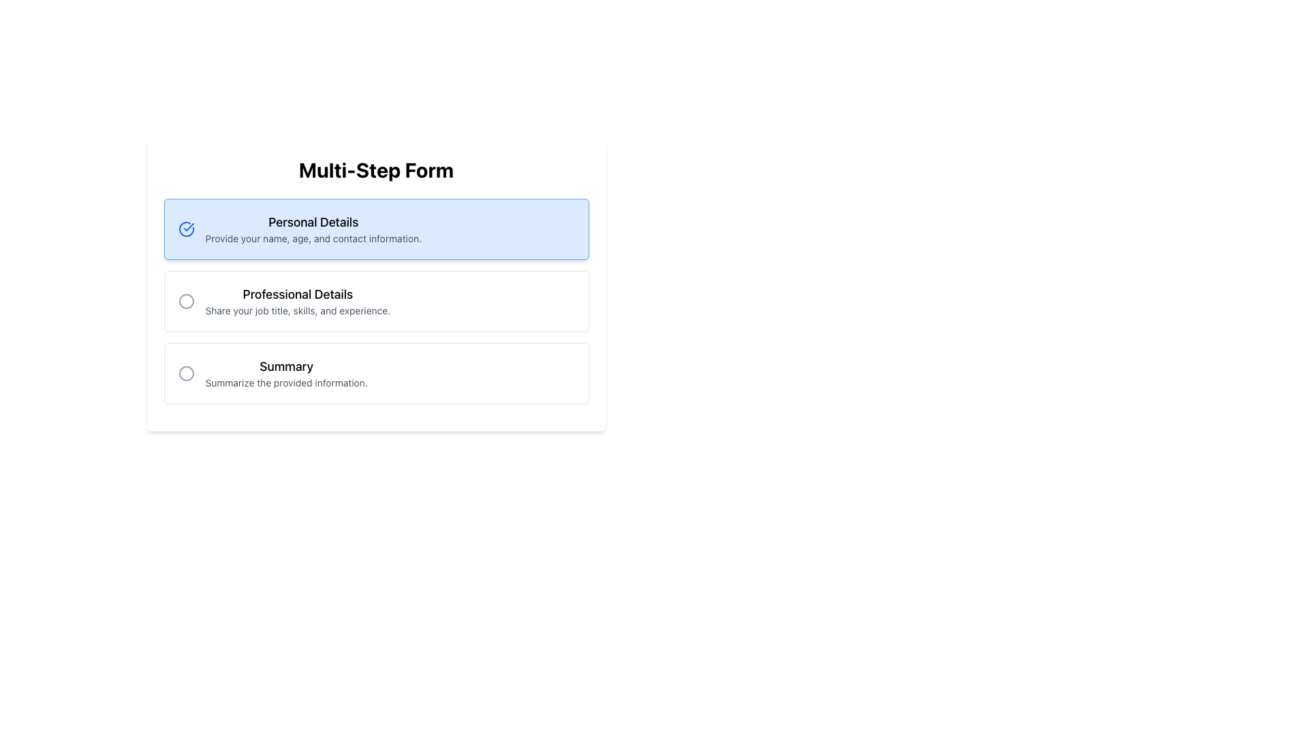 This screenshot has width=1308, height=735. What do you see at coordinates (185, 228) in the screenshot?
I see `the blue circular checkmark icon located to the left of the 'Personal Details' section` at bounding box center [185, 228].